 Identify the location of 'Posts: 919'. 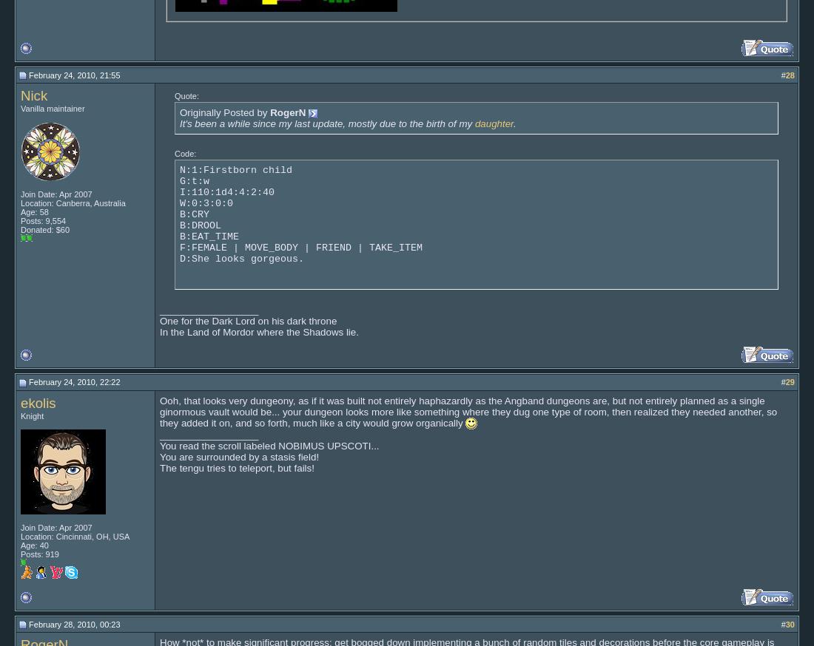
(38, 553).